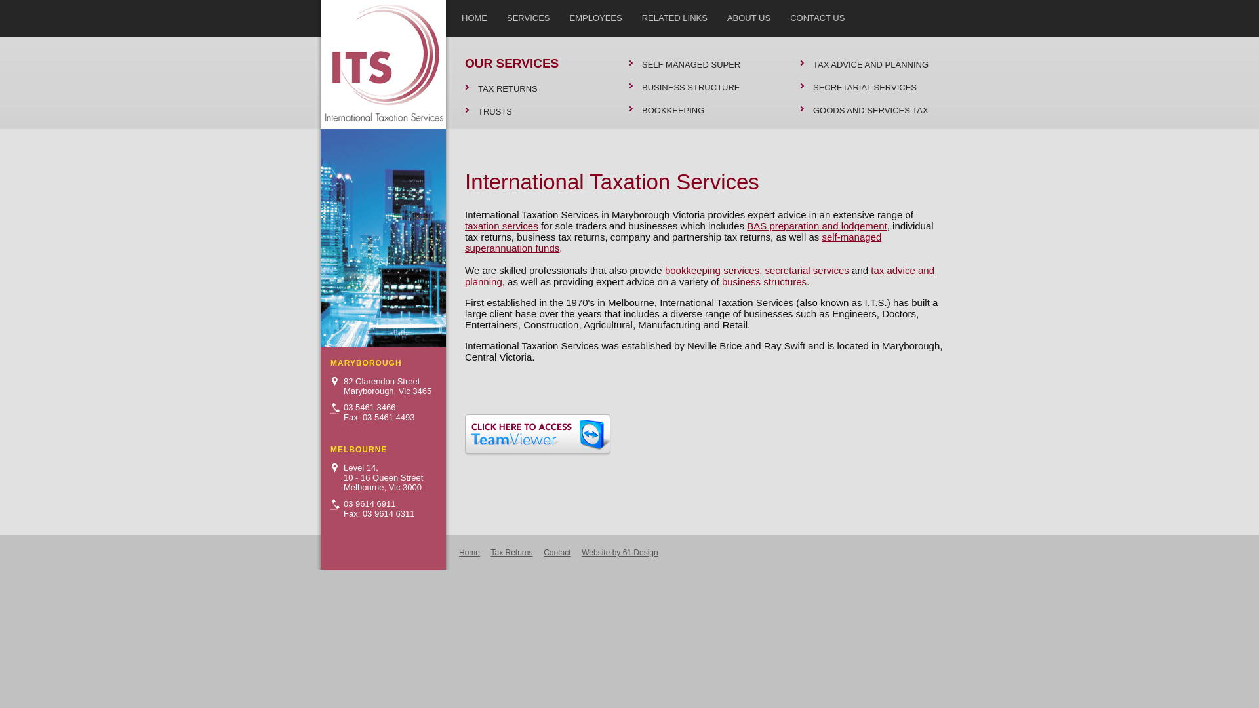 The height and width of the screenshot is (708, 1259). I want to click on 'Tax Returns', so click(510, 553).